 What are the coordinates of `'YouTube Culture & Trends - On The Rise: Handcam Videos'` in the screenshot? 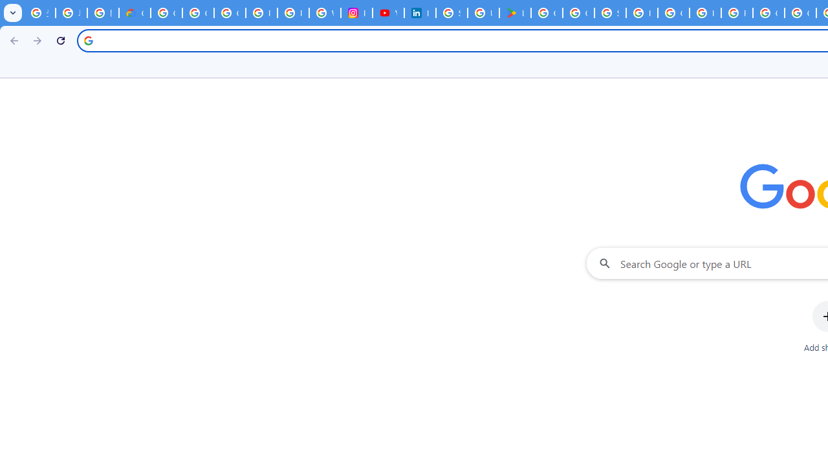 It's located at (387, 13).